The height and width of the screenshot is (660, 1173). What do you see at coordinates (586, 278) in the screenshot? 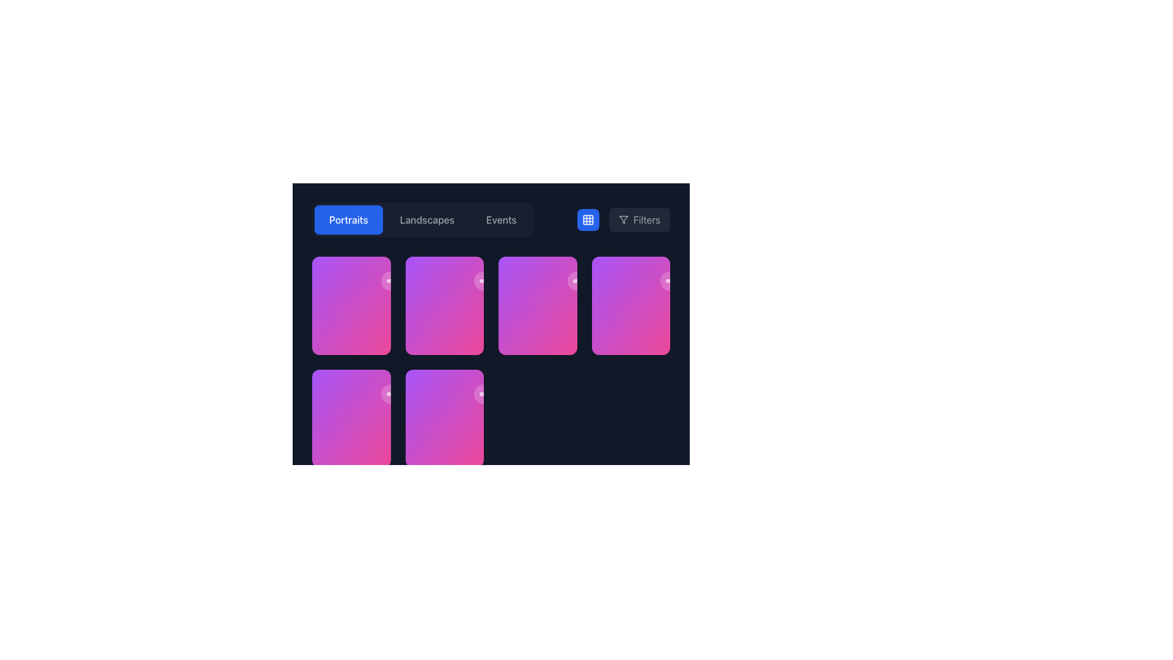
I see `the interactive buttons in the top-right corner of the card located in the second row, third from the left` at bounding box center [586, 278].